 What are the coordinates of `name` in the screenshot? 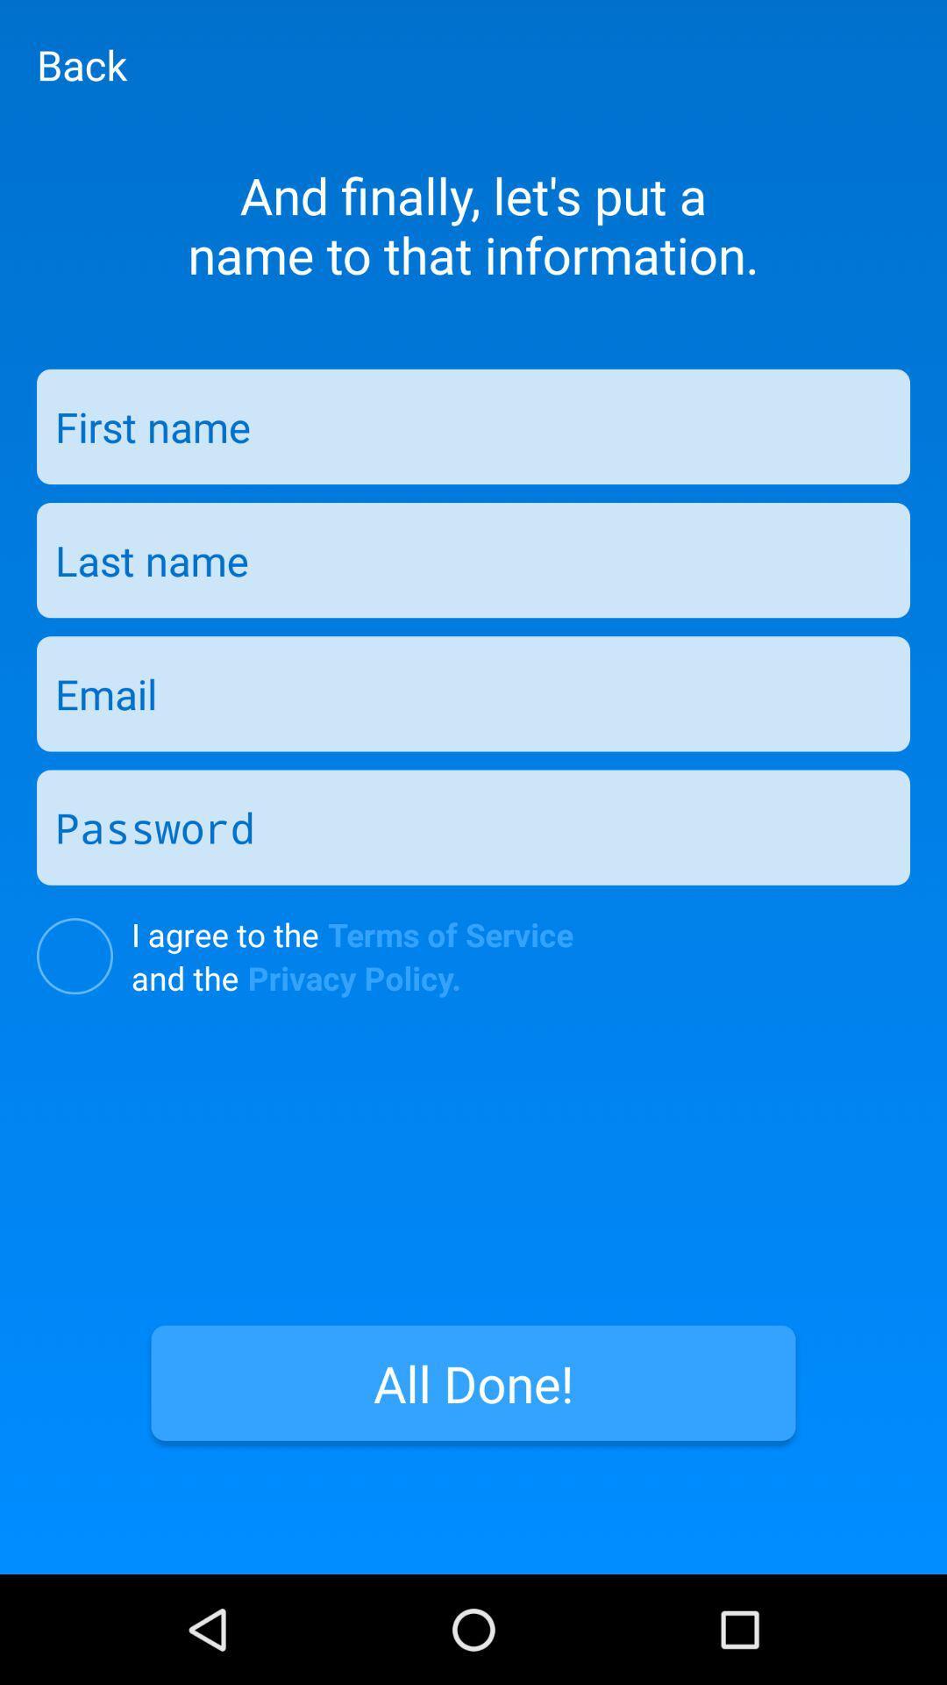 It's located at (473, 427).